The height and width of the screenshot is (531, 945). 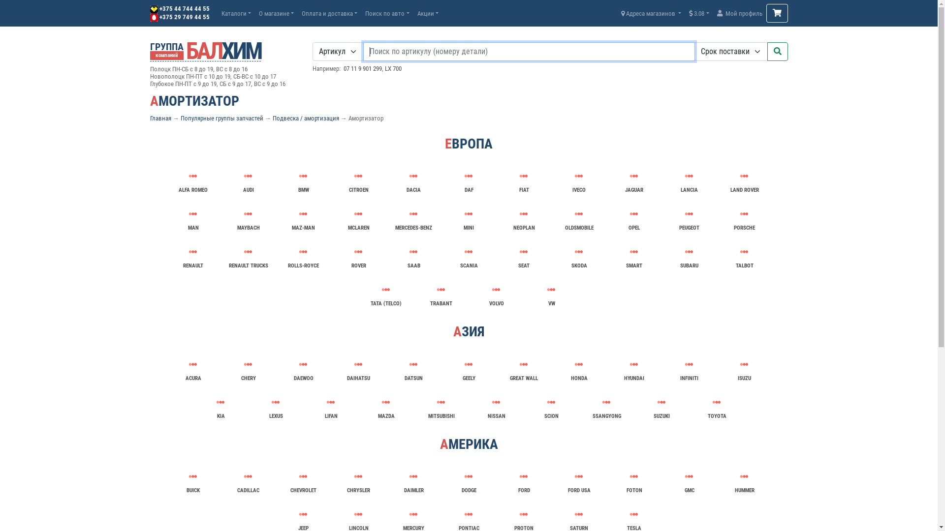 What do you see at coordinates (385, 402) in the screenshot?
I see `'MAZDA'` at bounding box center [385, 402].